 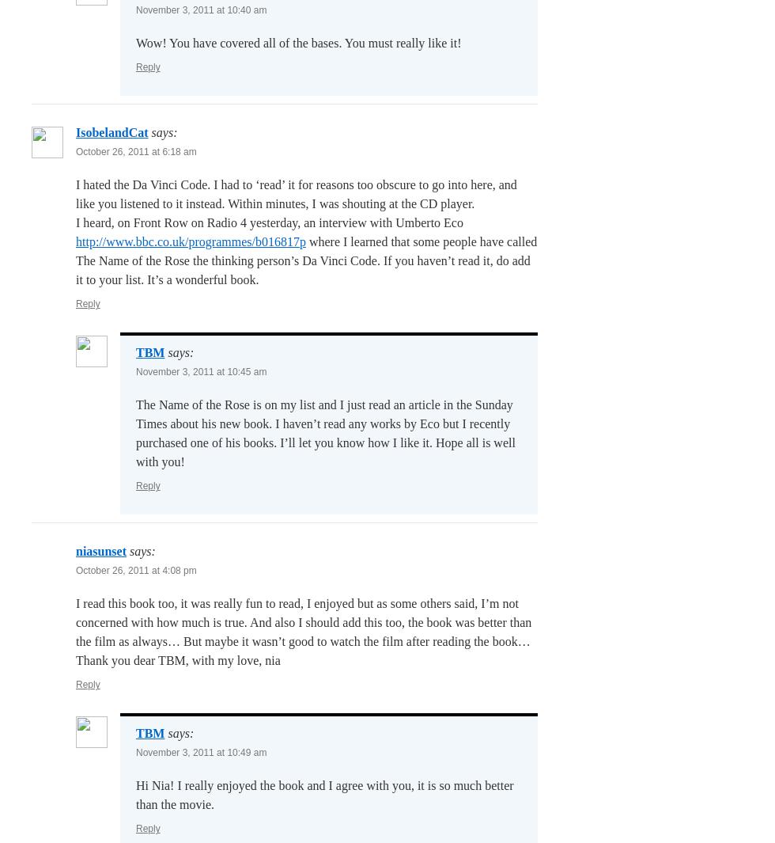 What do you see at coordinates (100, 551) in the screenshot?
I see `'niasunset'` at bounding box center [100, 551].